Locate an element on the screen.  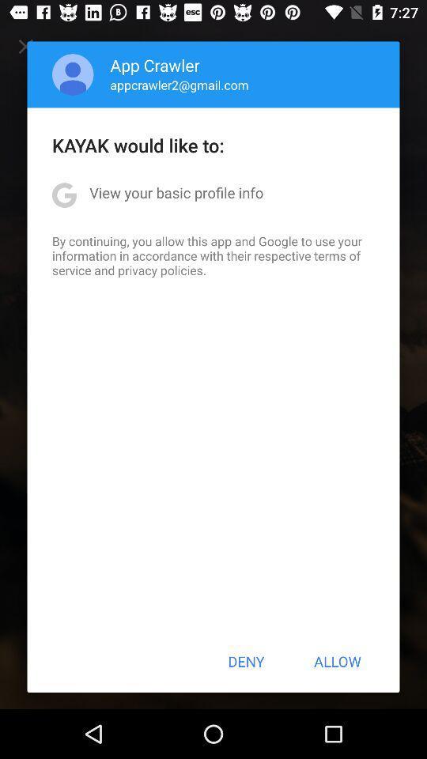
icon next to app crawler icon is located at coordinates (72, 74).